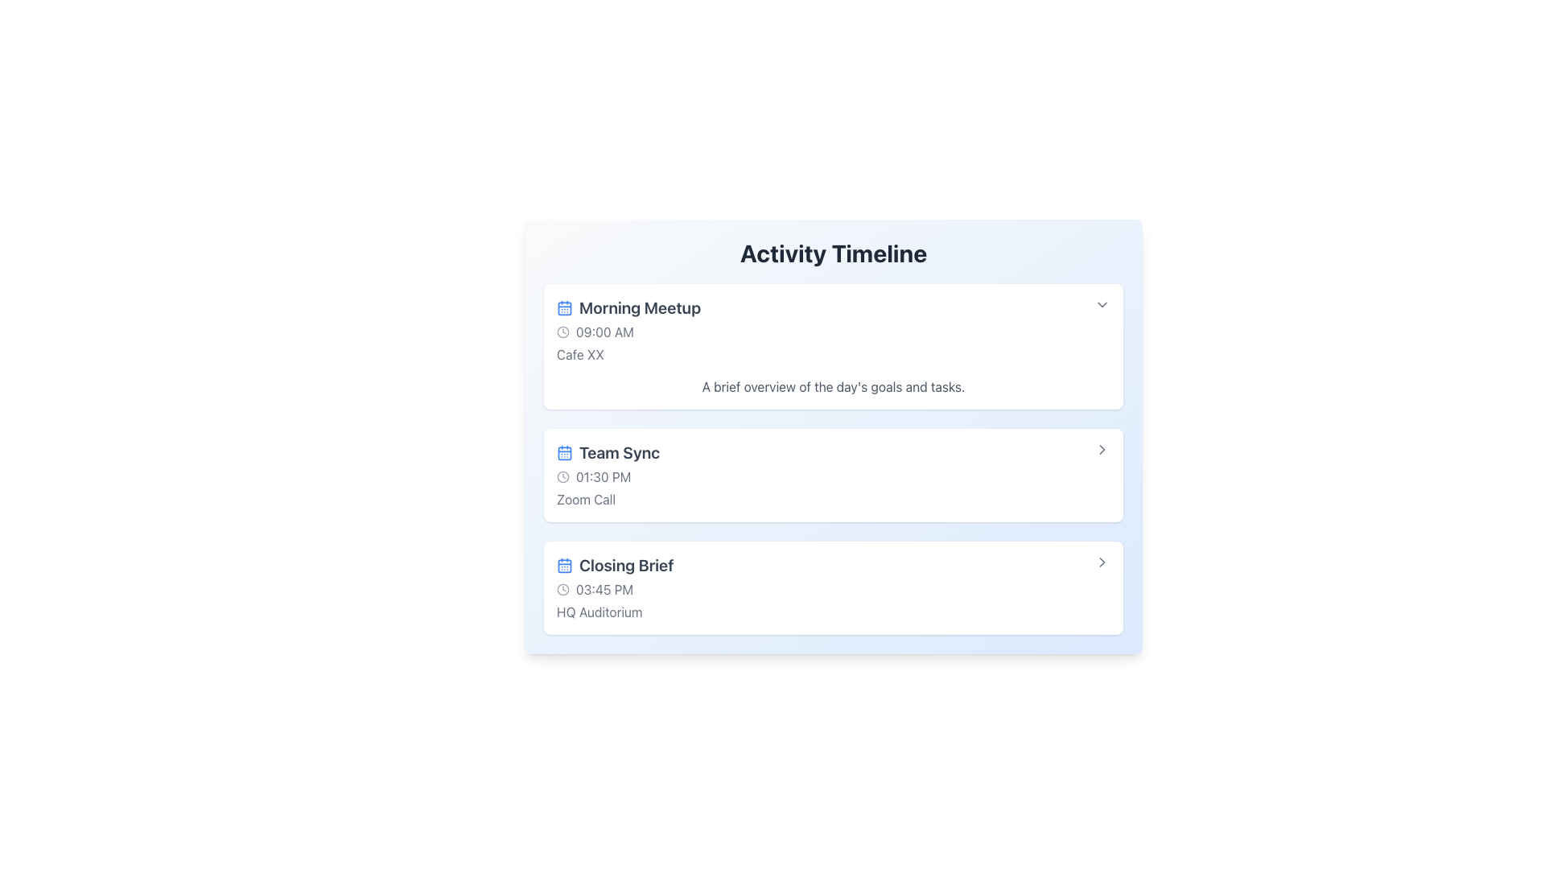  What do you see at coordinates (608, 476) in the screenshot?
I see `the time displayed in the 'Team Sync' section of the 'Activity Timeline', which shows '01:30 PM'` at bounding box center [608, 476].